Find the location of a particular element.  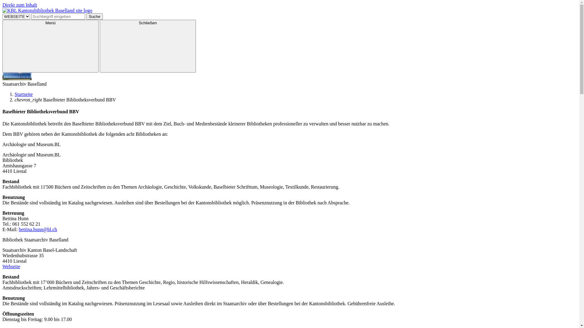

'Suche' is located at coordinates (86, 16).